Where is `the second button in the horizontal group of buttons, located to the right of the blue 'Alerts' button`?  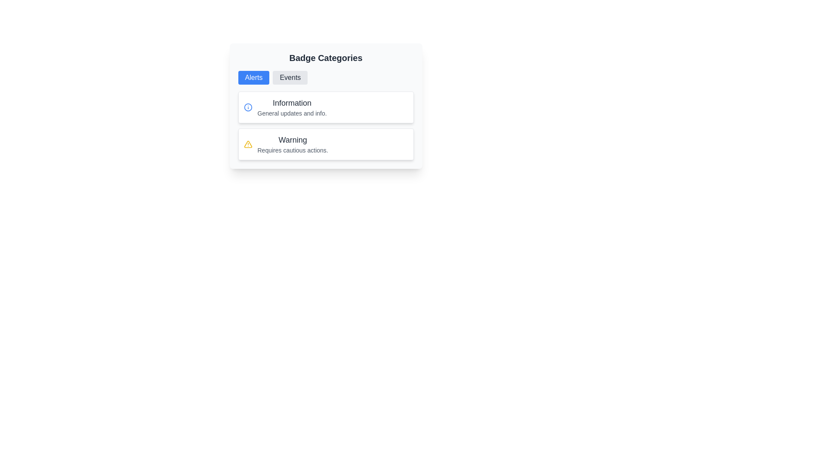
the second button in the horizontal group of buttons, located to the right of the blue 'Alerts' button is located at coordinates (290, 78).